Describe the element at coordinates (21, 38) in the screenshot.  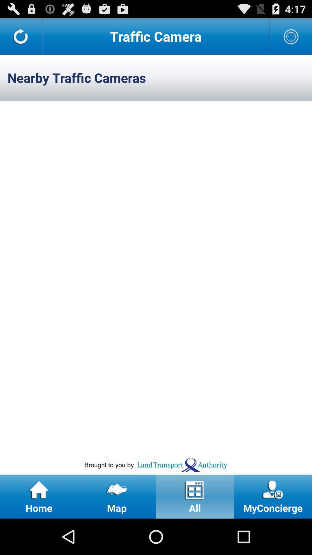
I see `the refresh icon` at that location.